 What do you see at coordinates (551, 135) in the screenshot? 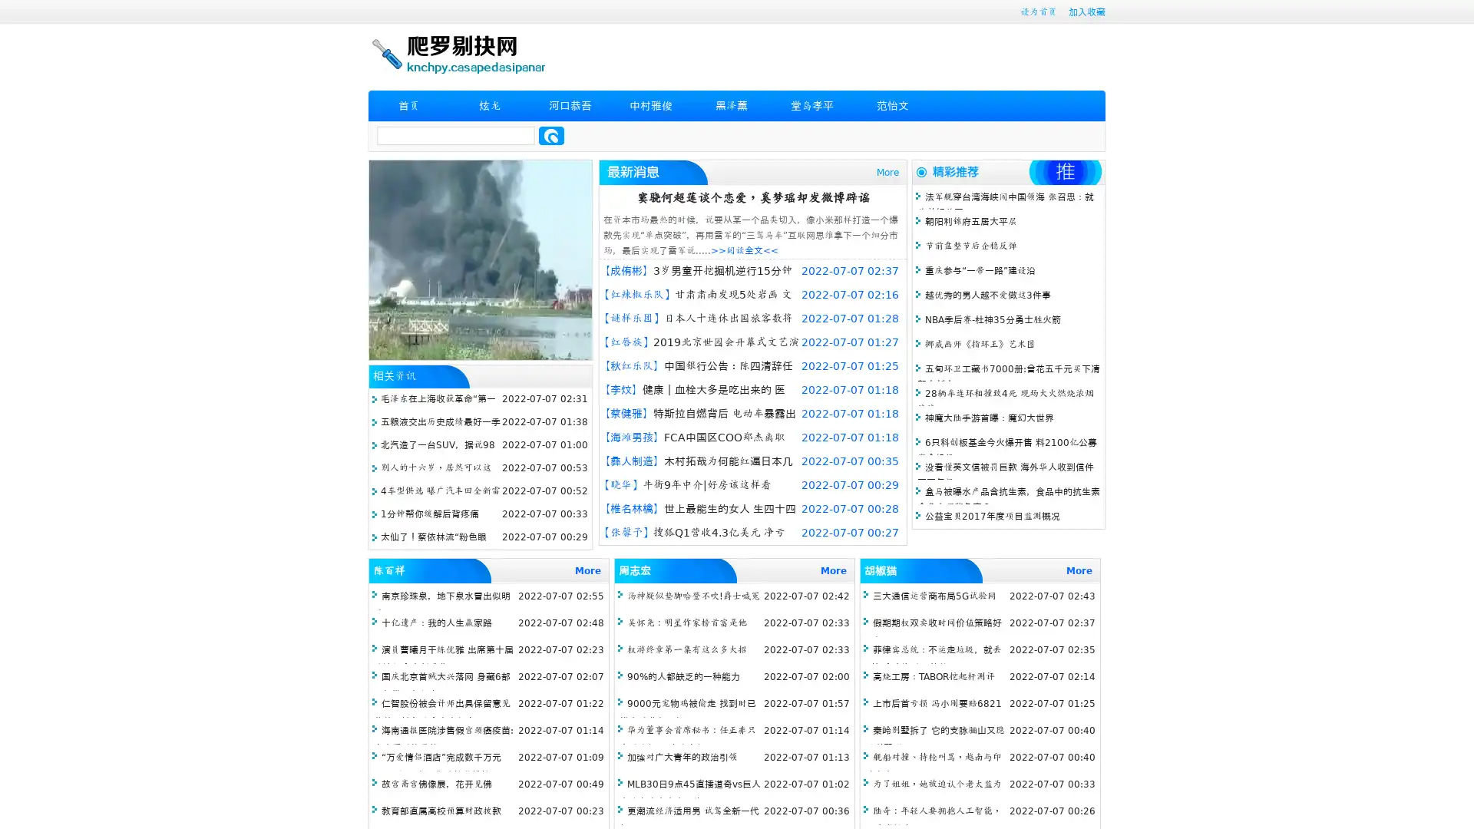
I see `Search` at bounding box center [551, 135].